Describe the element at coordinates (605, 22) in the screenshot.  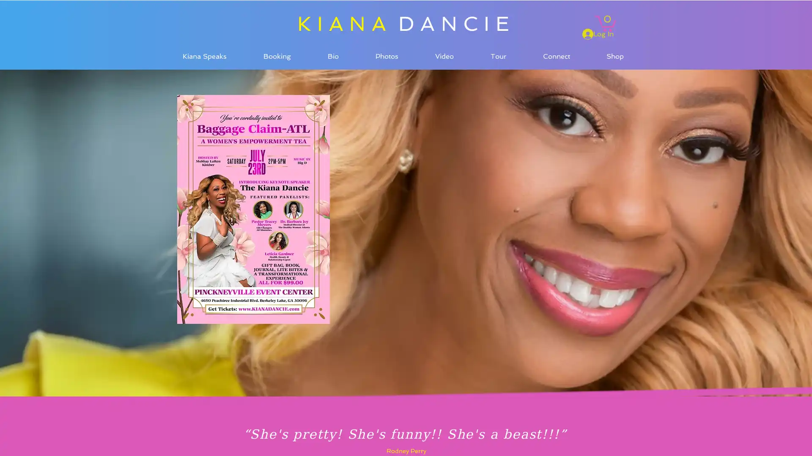
I see `Cart with 0 items` at that location.